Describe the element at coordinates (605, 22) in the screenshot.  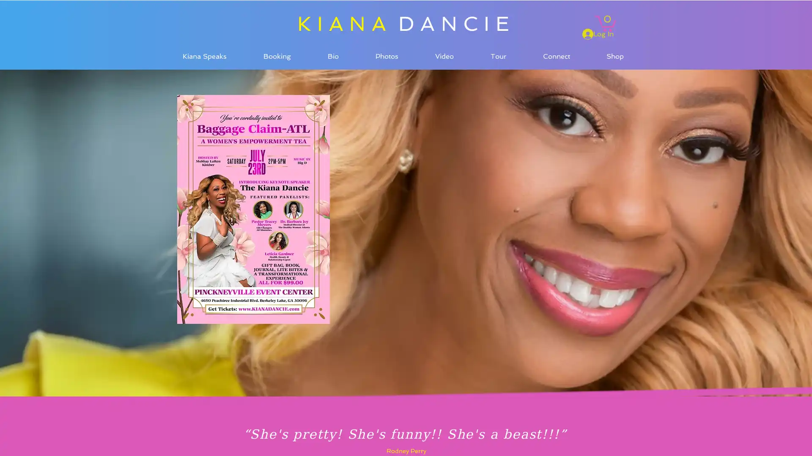
I see `Cart with 0 items` at that location.